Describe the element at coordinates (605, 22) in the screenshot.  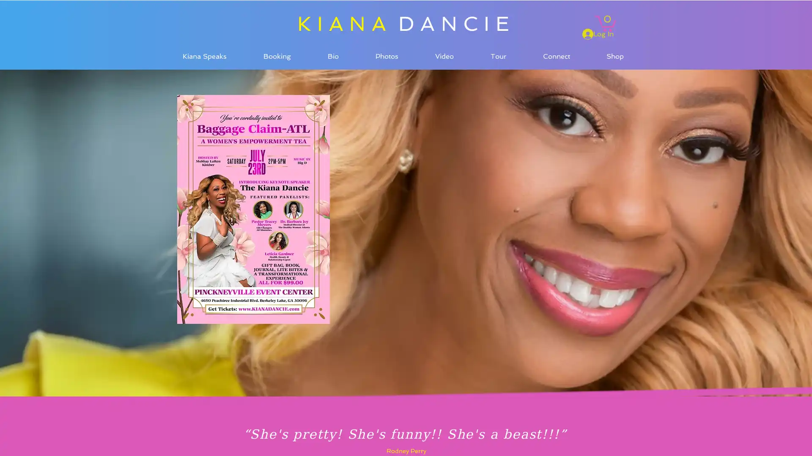
I see `Cart with 0 items` at that location.